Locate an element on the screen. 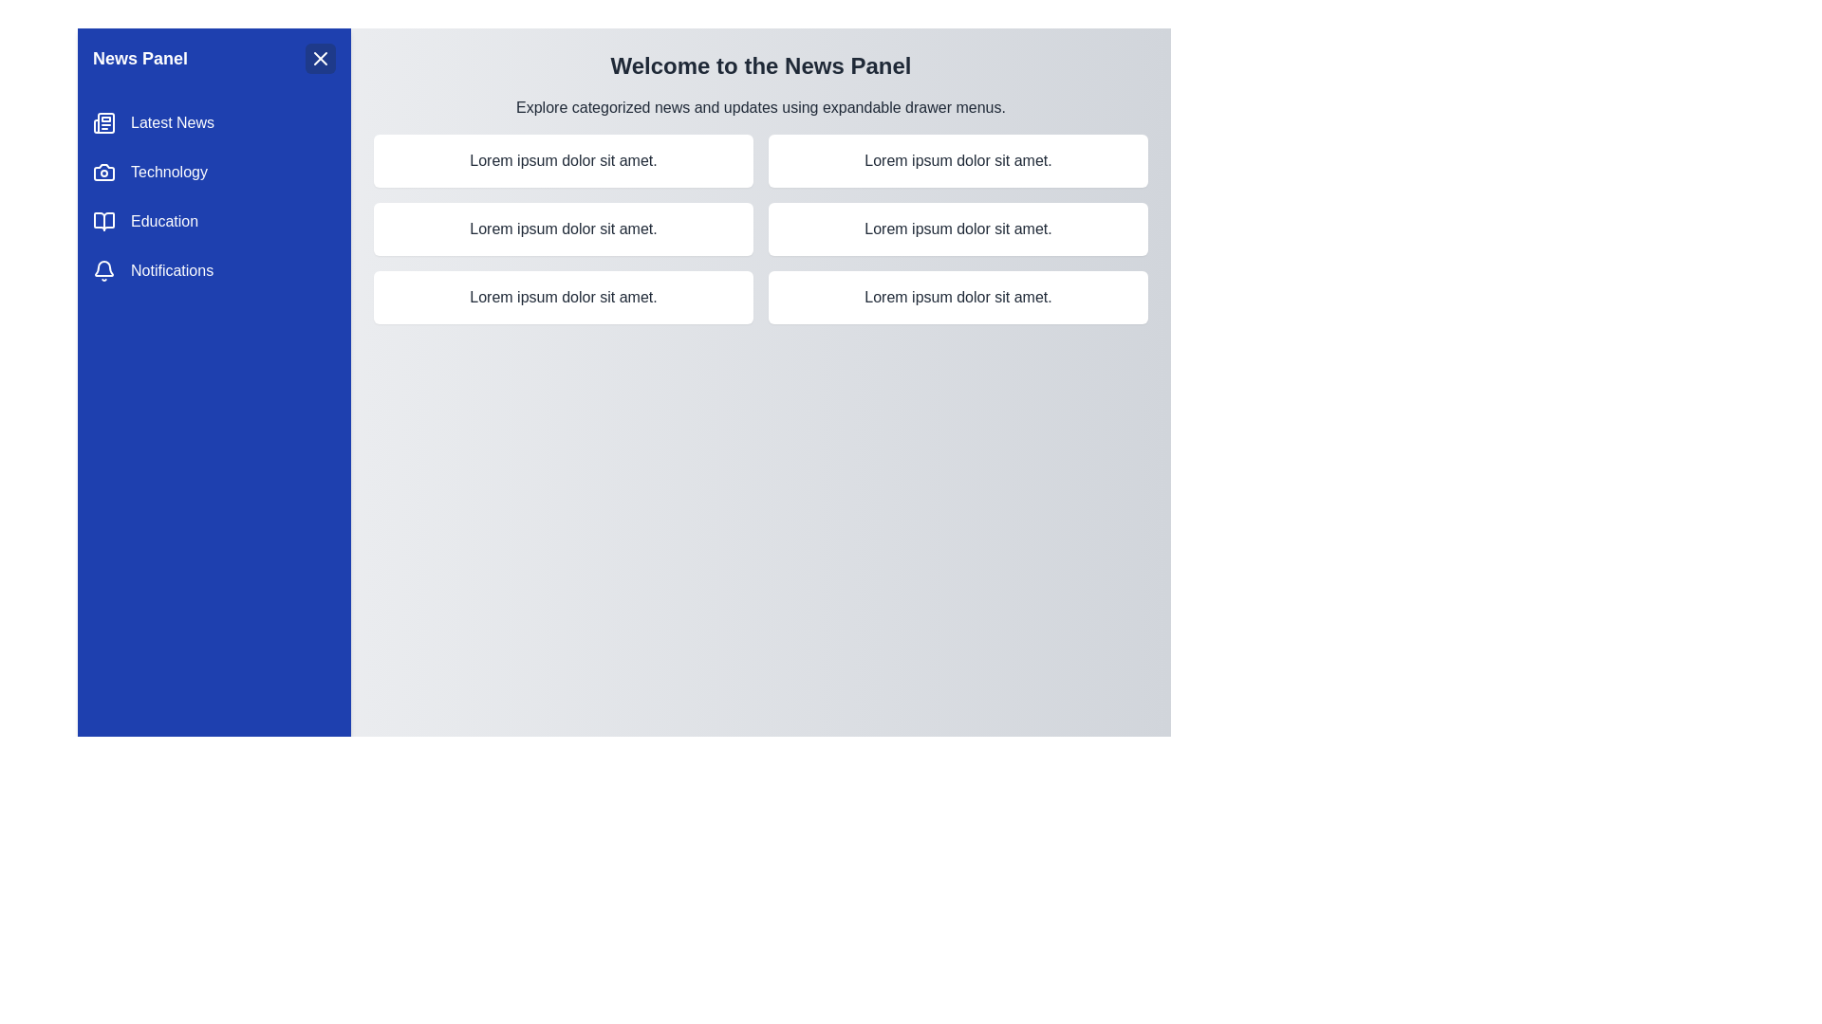 This screenshot has width=1822, height=1024. the Education category in the drawer menu is located at coordinates (214, 221).